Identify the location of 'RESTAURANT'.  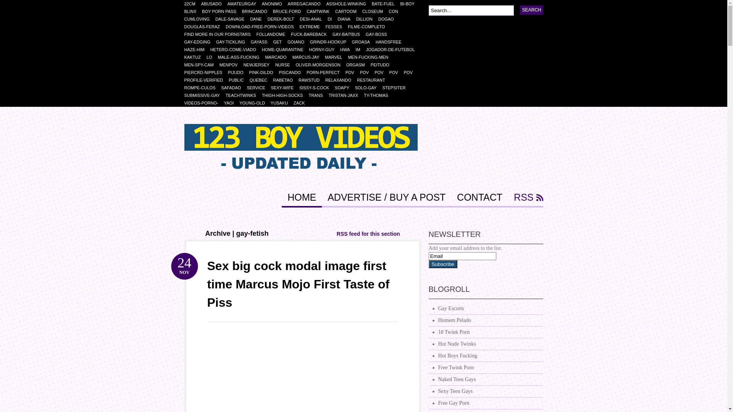
(374, 80).